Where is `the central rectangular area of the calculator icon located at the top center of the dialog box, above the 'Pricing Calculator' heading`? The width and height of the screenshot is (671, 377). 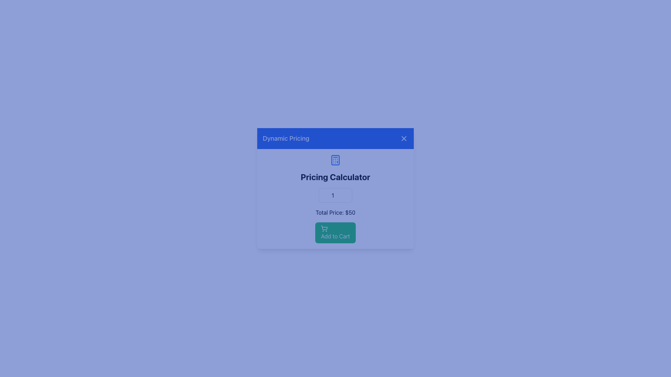
the central rectangular area of the calculator icon located at the top center of the dialog box, above the 'Pricing Calculator' heading is located at coordinates (335, 160).